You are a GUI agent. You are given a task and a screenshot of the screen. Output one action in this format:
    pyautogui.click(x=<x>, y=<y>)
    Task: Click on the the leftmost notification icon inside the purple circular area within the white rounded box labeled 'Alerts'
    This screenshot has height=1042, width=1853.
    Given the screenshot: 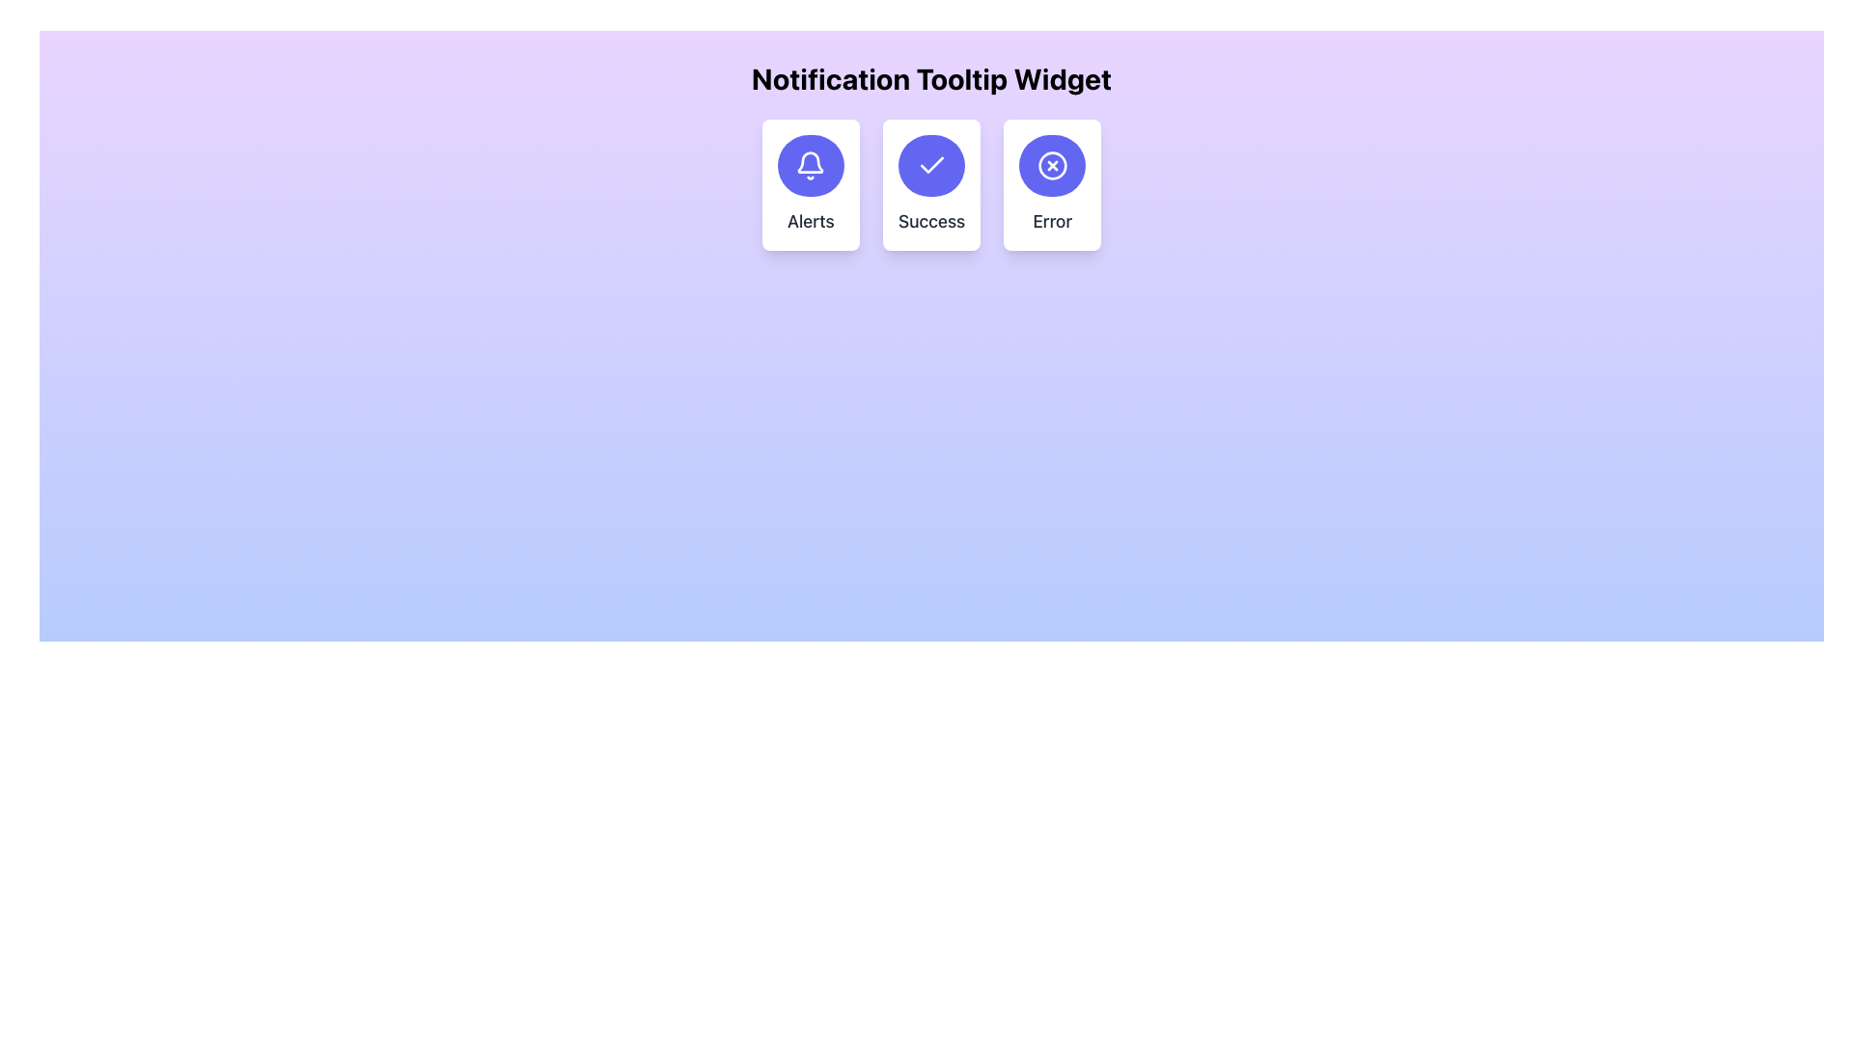 What is the action you would take?
    pyautogui.click(x=811, y=165)
    